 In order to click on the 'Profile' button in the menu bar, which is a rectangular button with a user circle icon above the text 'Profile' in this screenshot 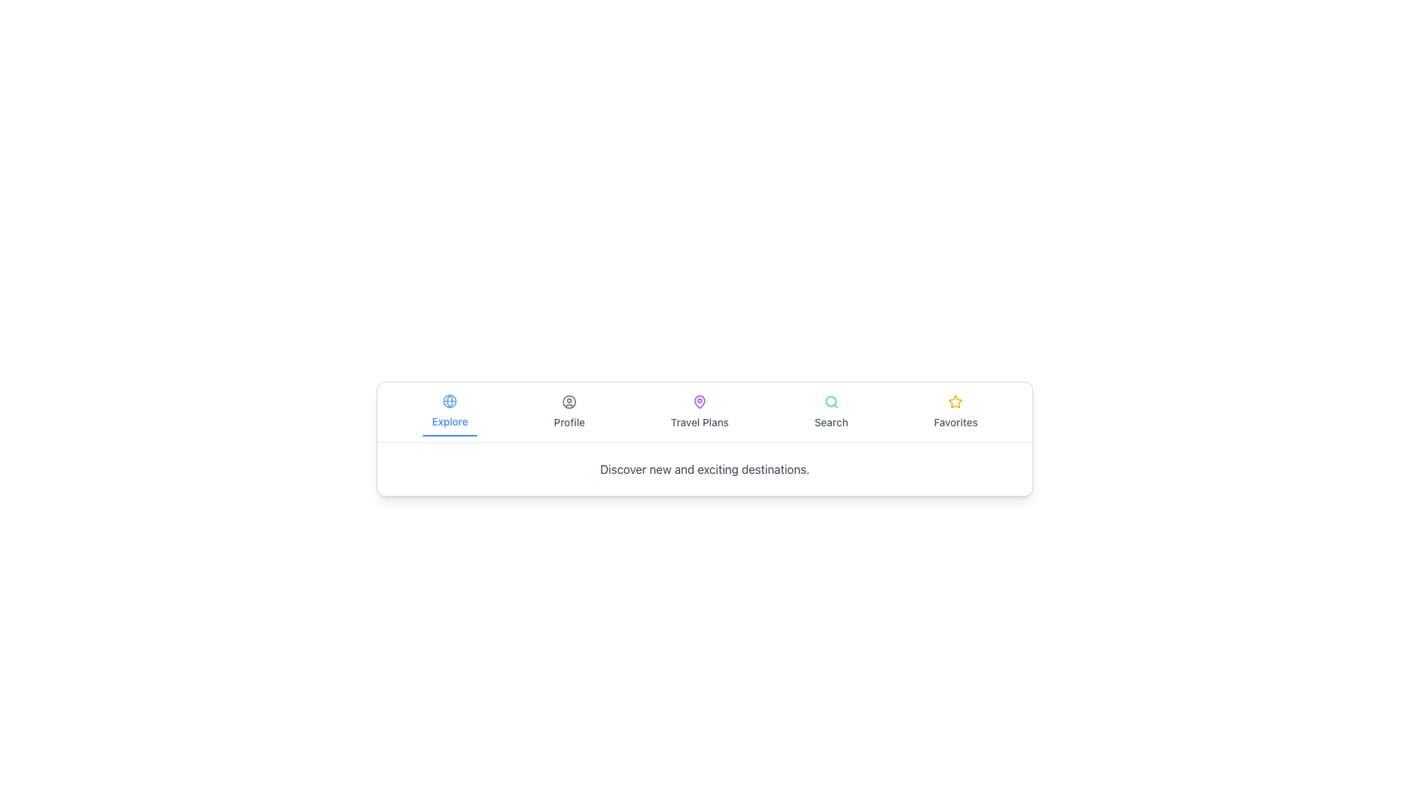, I will do `click(569, 412)`.